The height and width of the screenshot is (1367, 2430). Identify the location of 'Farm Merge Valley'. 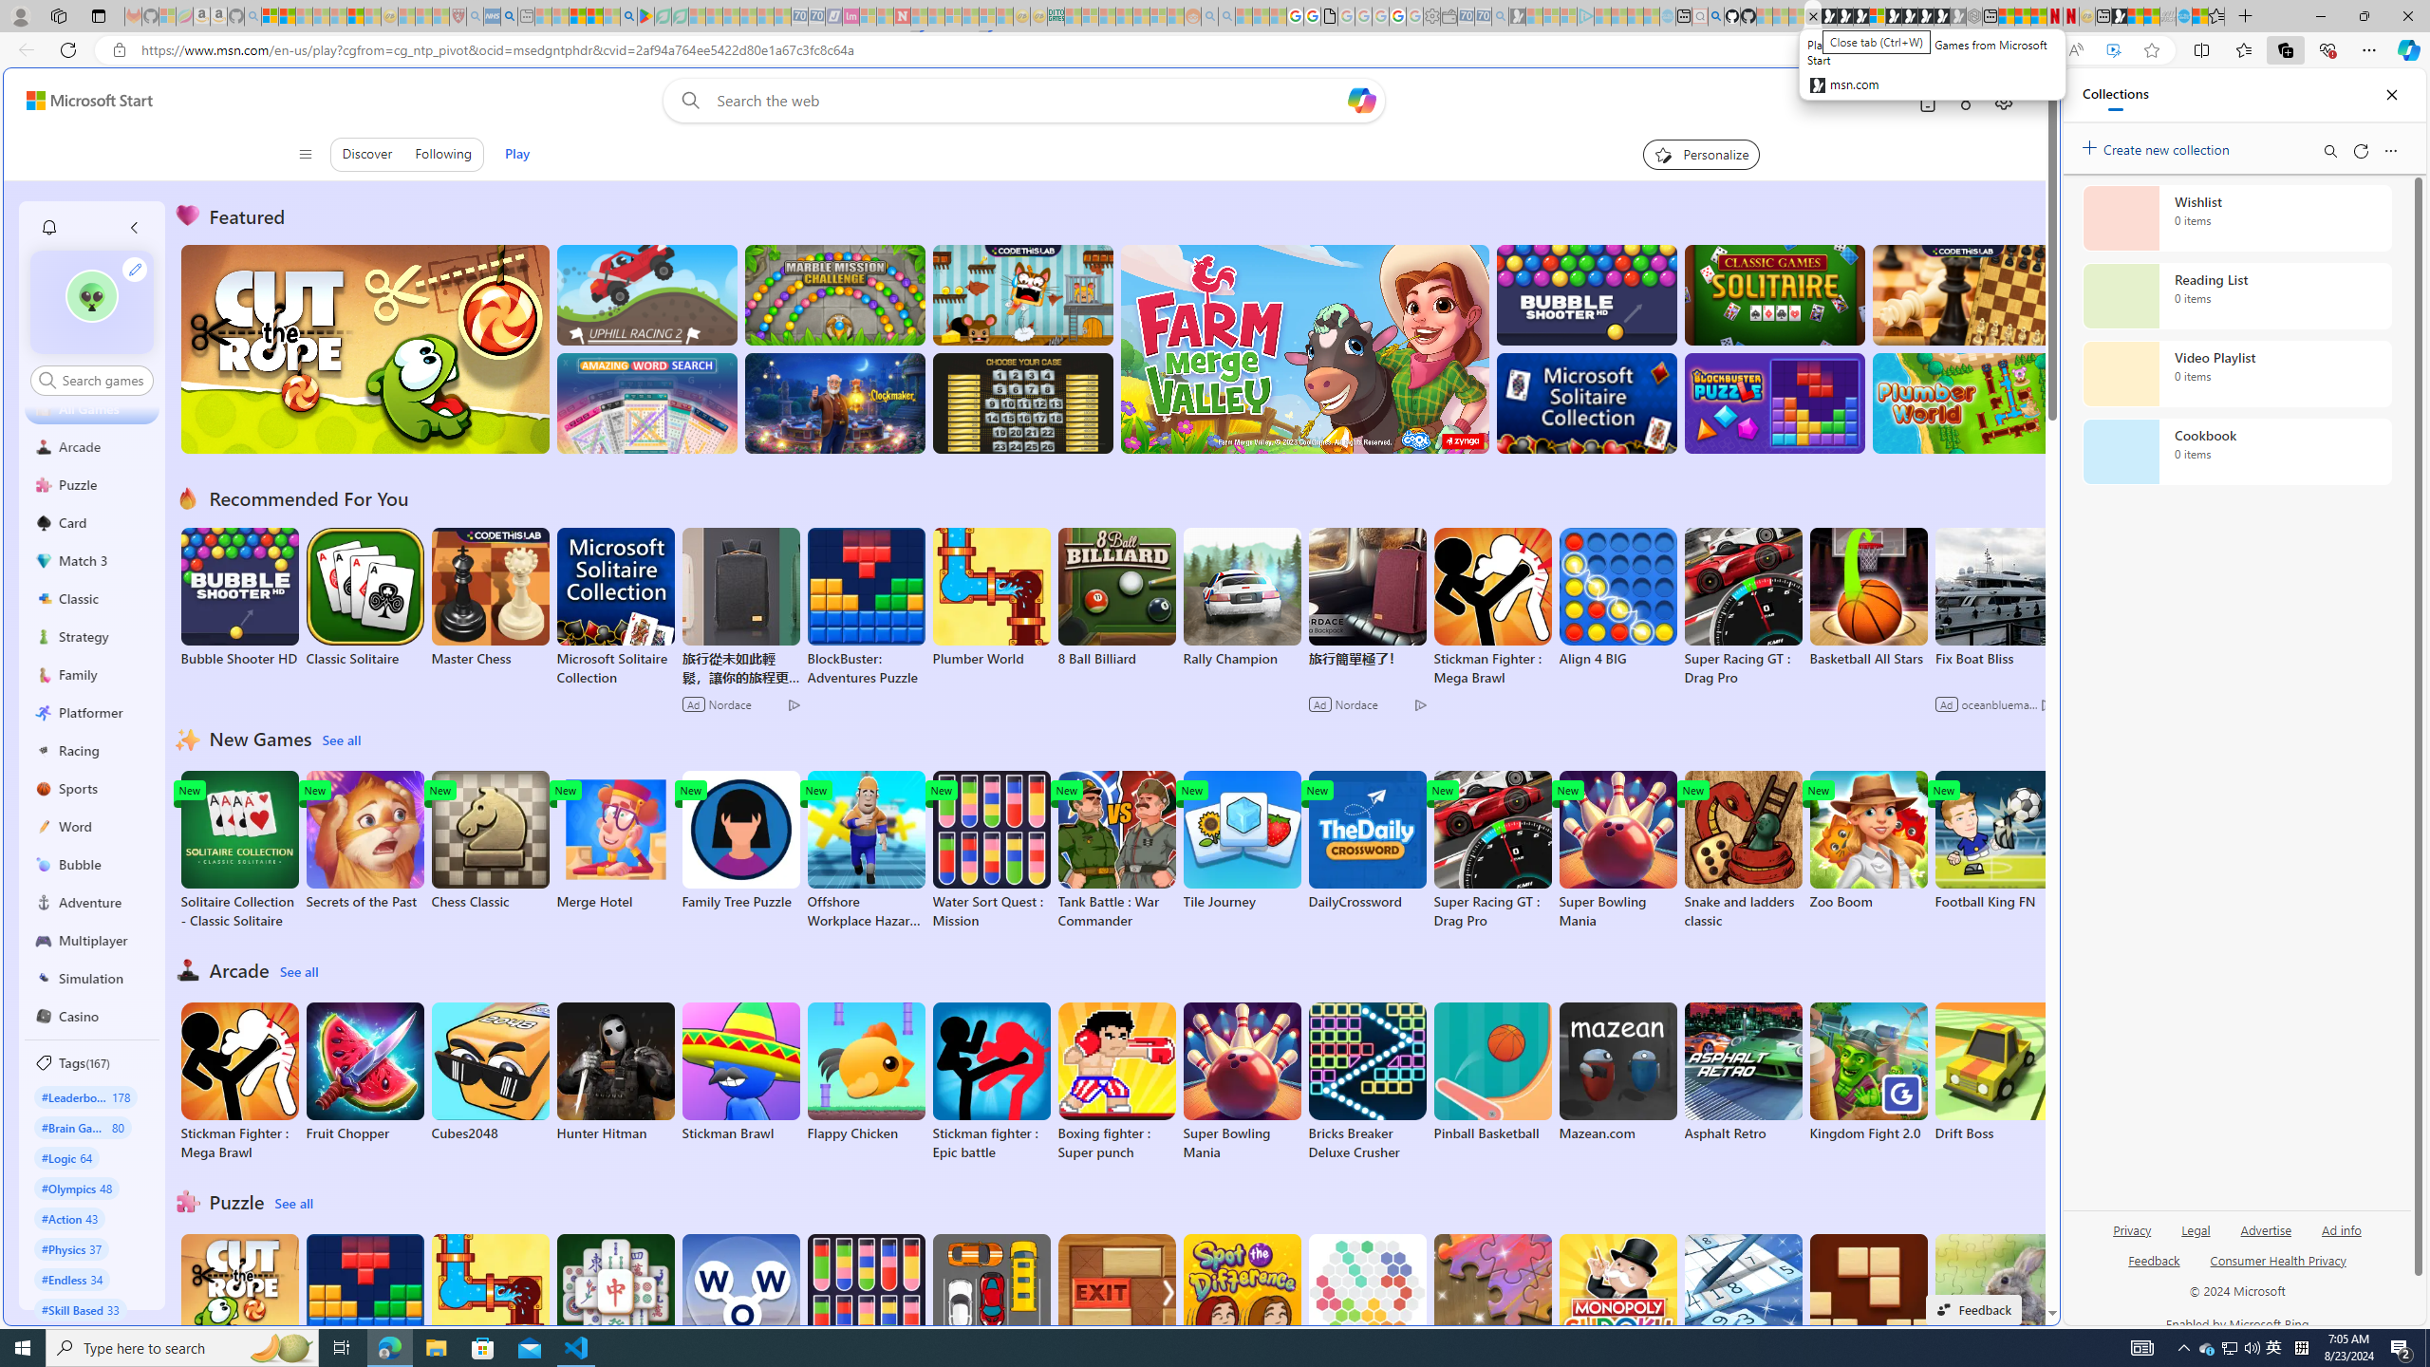
(1303, 348).